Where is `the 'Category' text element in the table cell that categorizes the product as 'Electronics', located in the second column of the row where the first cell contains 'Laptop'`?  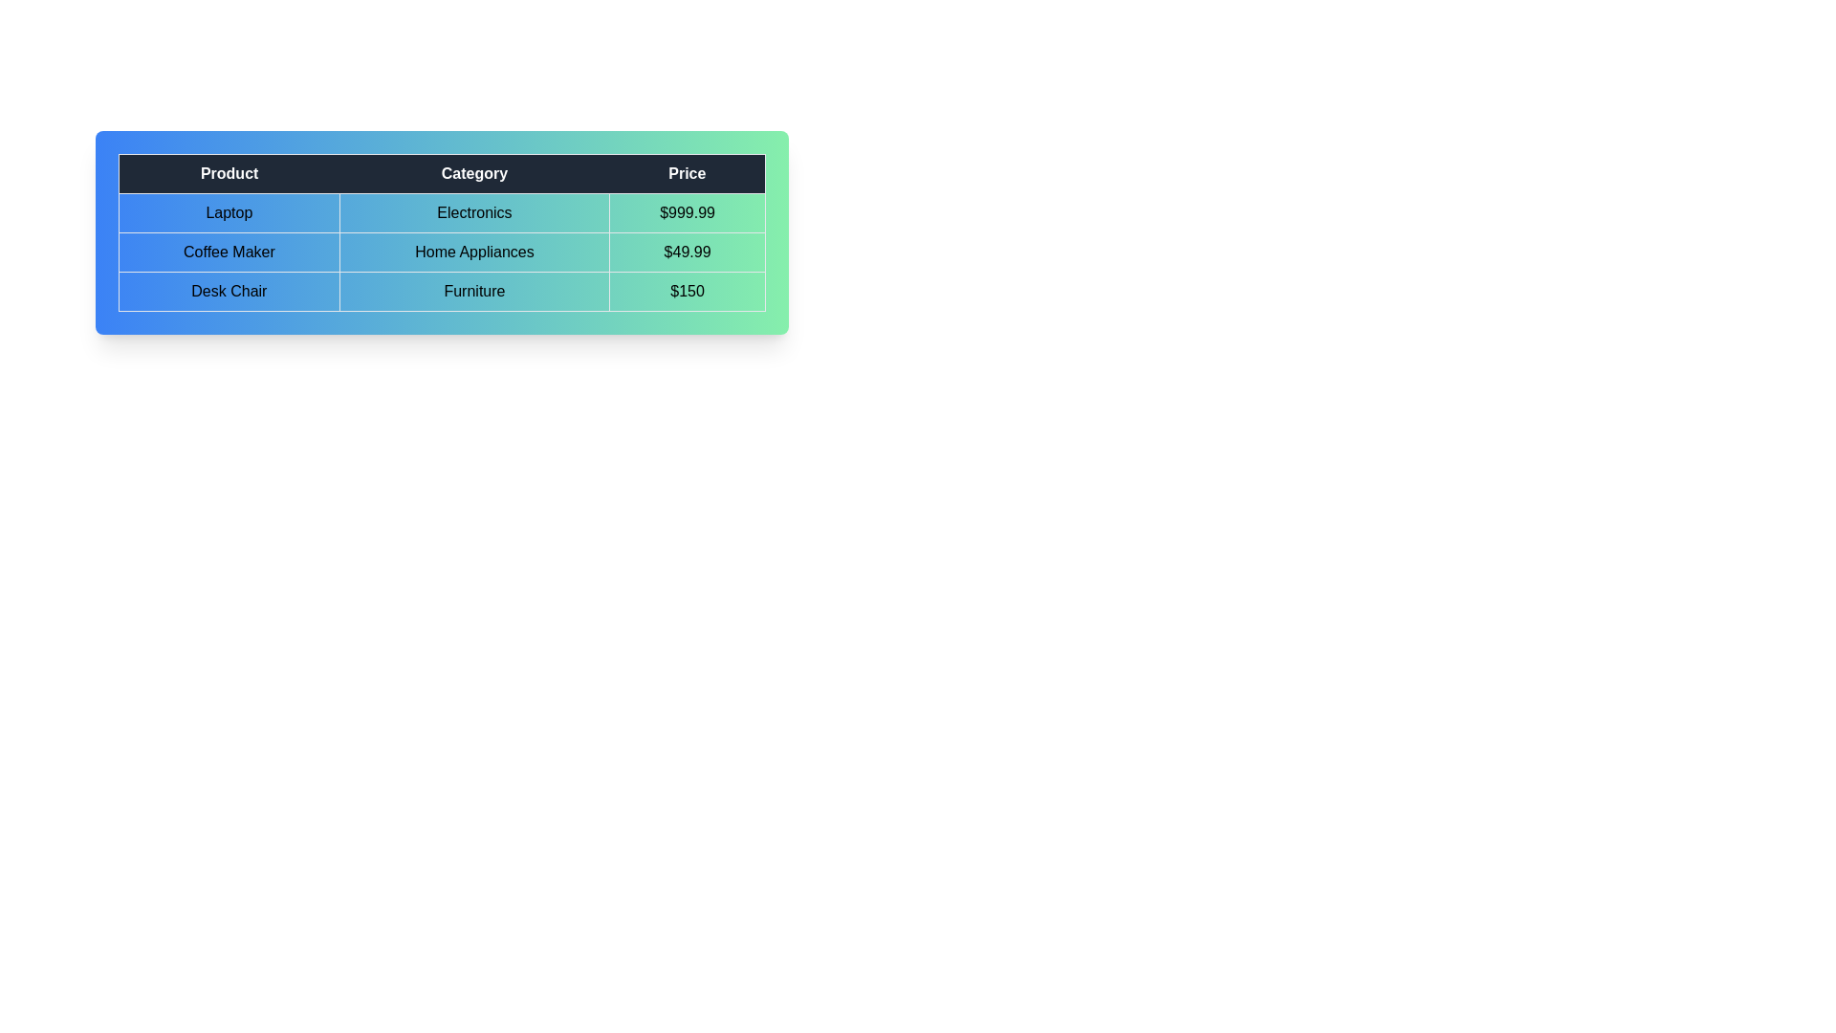
the 'Category' text element in the table cell that categorizes the product as 'Electronics', located in the second column of the row where the first cell contains 'Laptop' is located at coordinates (474, 213).